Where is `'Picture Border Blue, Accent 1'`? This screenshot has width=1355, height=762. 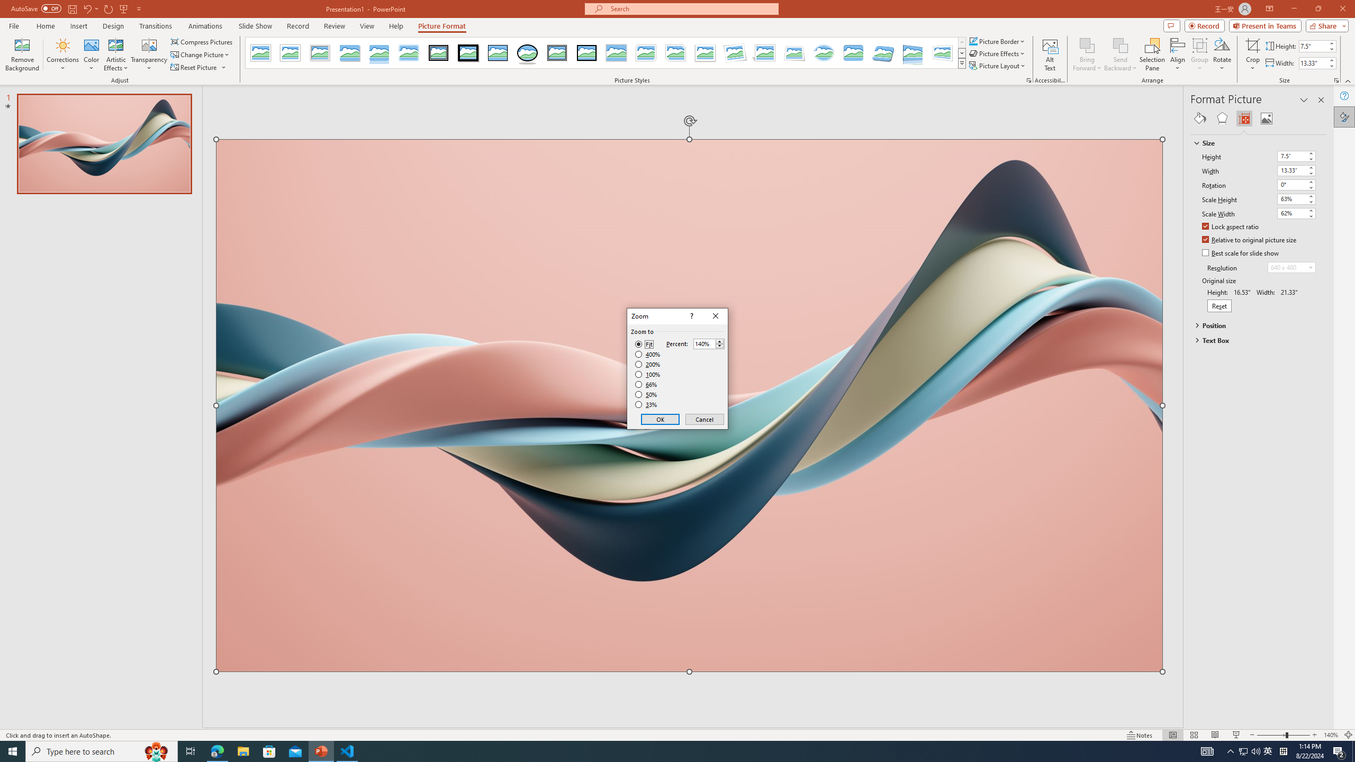 'Picture Border Blue, Accent 1' is located at coordinates (973, 41).